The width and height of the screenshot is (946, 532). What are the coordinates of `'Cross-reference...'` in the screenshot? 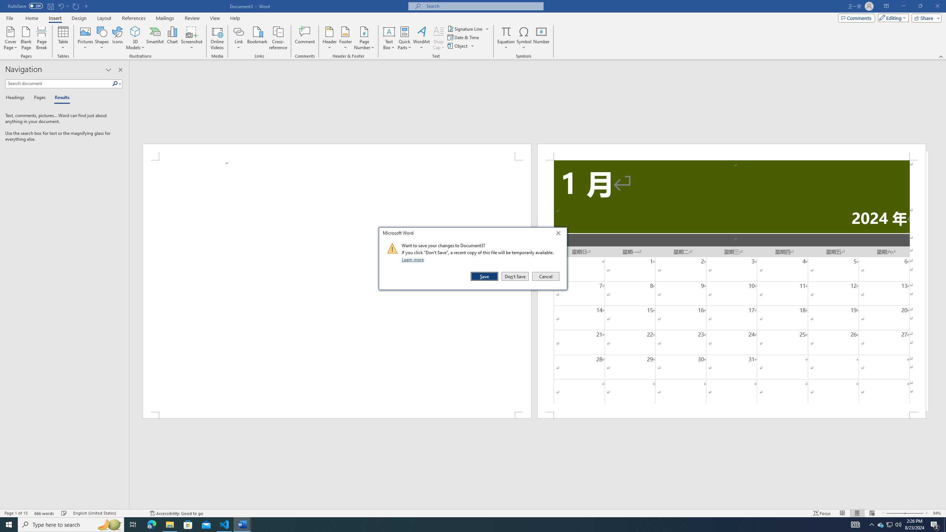 It's located at (278, 38).